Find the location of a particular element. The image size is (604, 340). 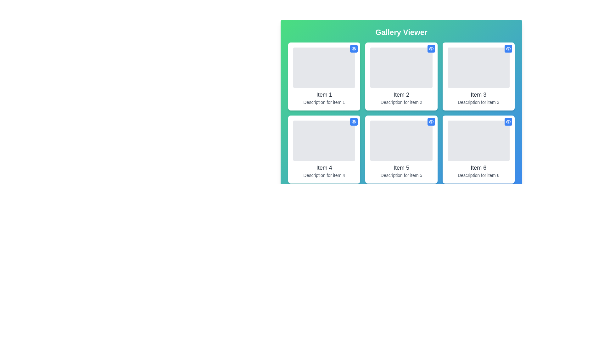

the static text label displaying 'Description for item 1', which is styled in a small gray font and located beneath 'Item 1' in the card interface is located at coordinates (324, 102).